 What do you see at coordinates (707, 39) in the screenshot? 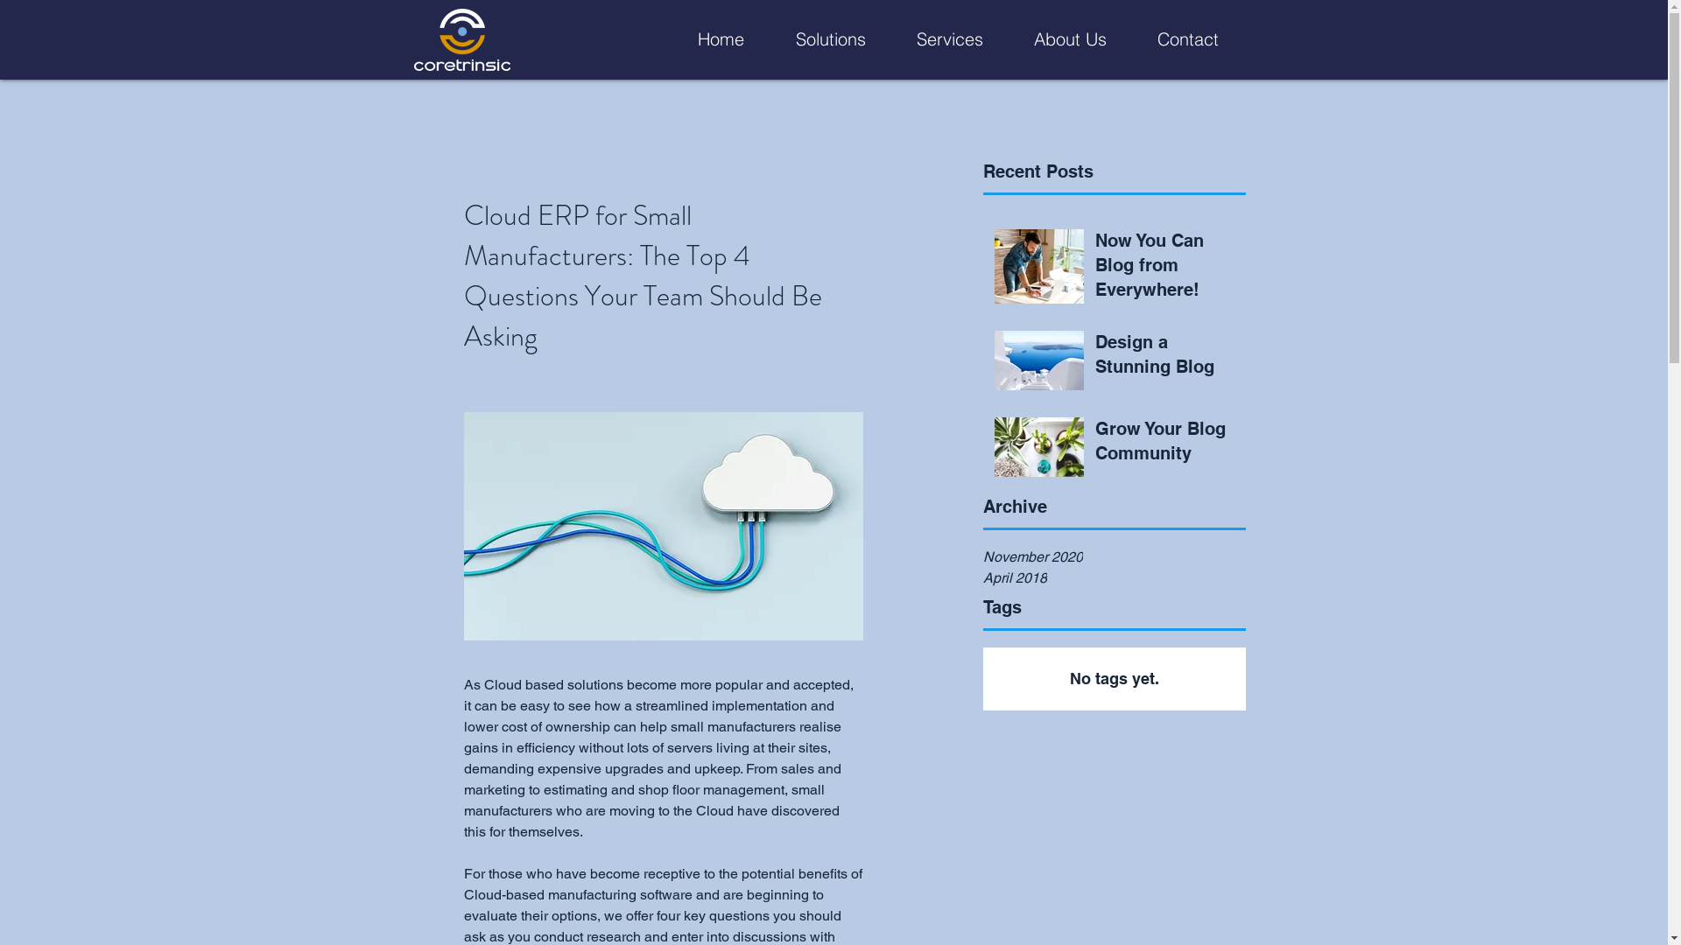
I see `'Home'` at bounding box center [707, 39].